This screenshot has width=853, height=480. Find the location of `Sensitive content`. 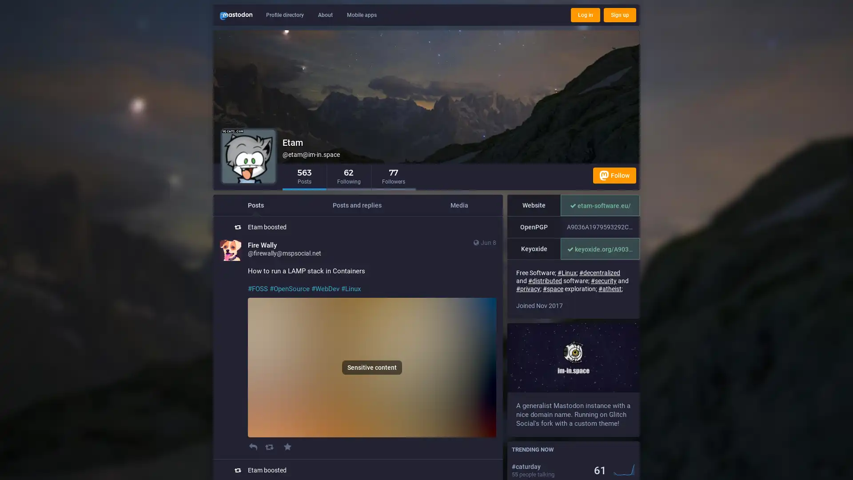

Sensitive content is located at coordinates (372, 367).